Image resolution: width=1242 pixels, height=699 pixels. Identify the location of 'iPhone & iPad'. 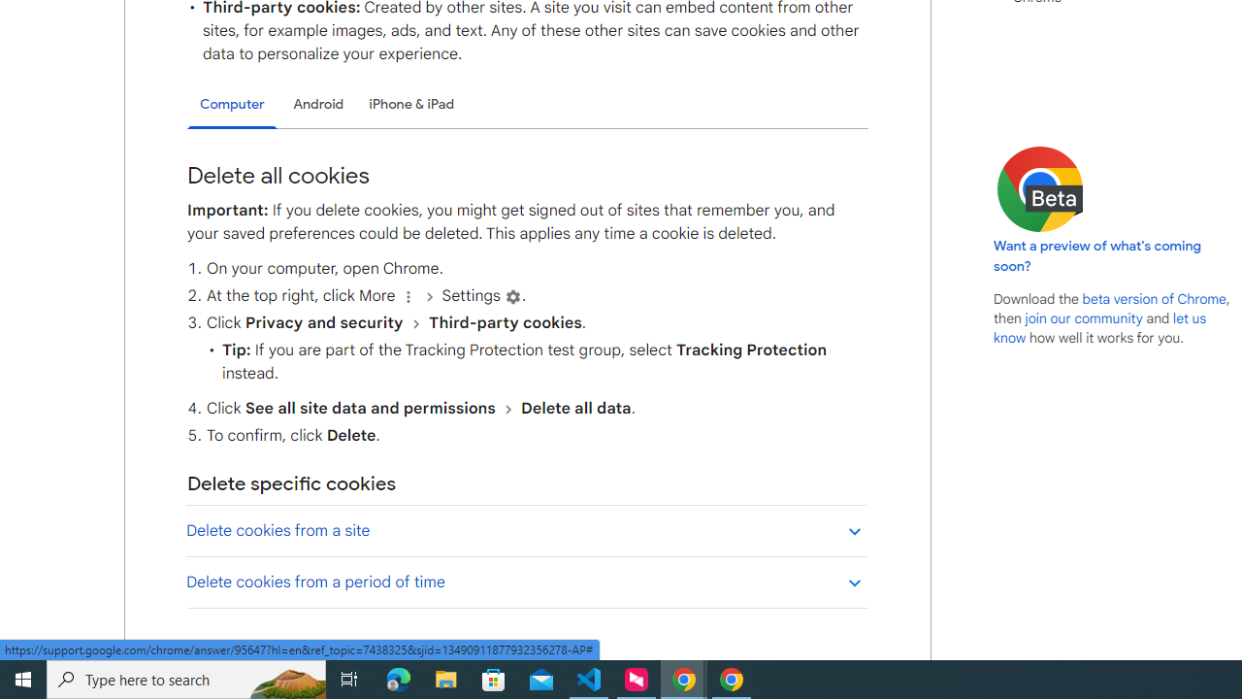
(410, 104).